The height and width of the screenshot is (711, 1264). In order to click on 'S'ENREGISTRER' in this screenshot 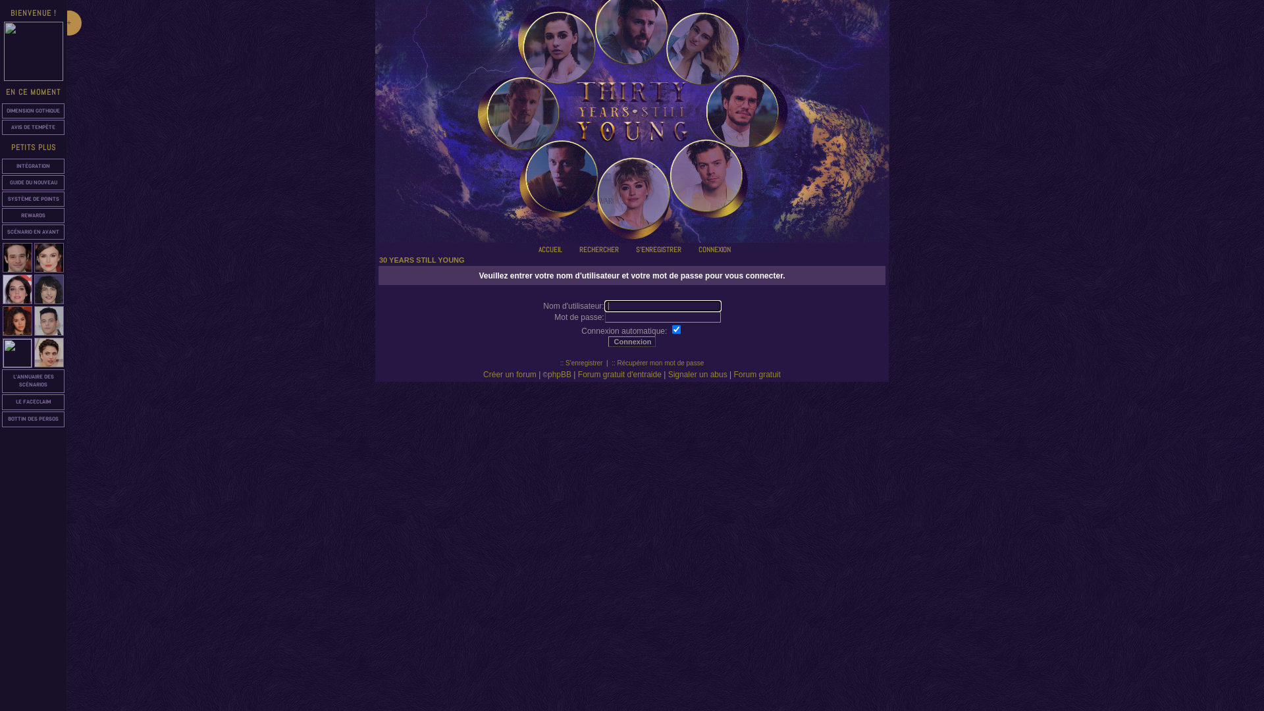, I will do `click(653, 249)`.